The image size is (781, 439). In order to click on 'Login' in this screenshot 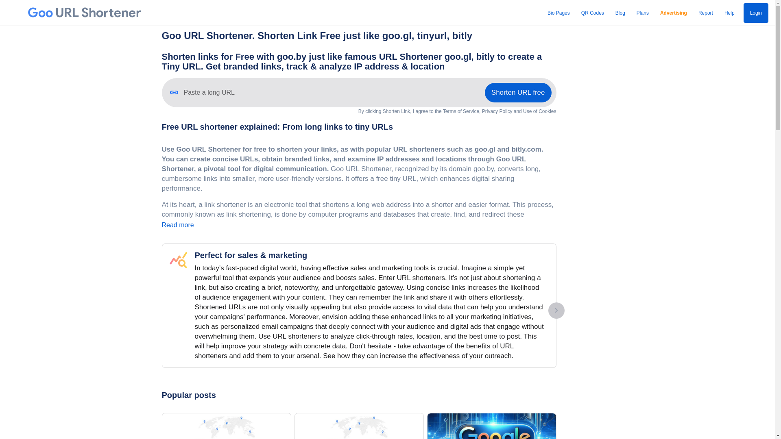, I will do `click(755, 13)`.